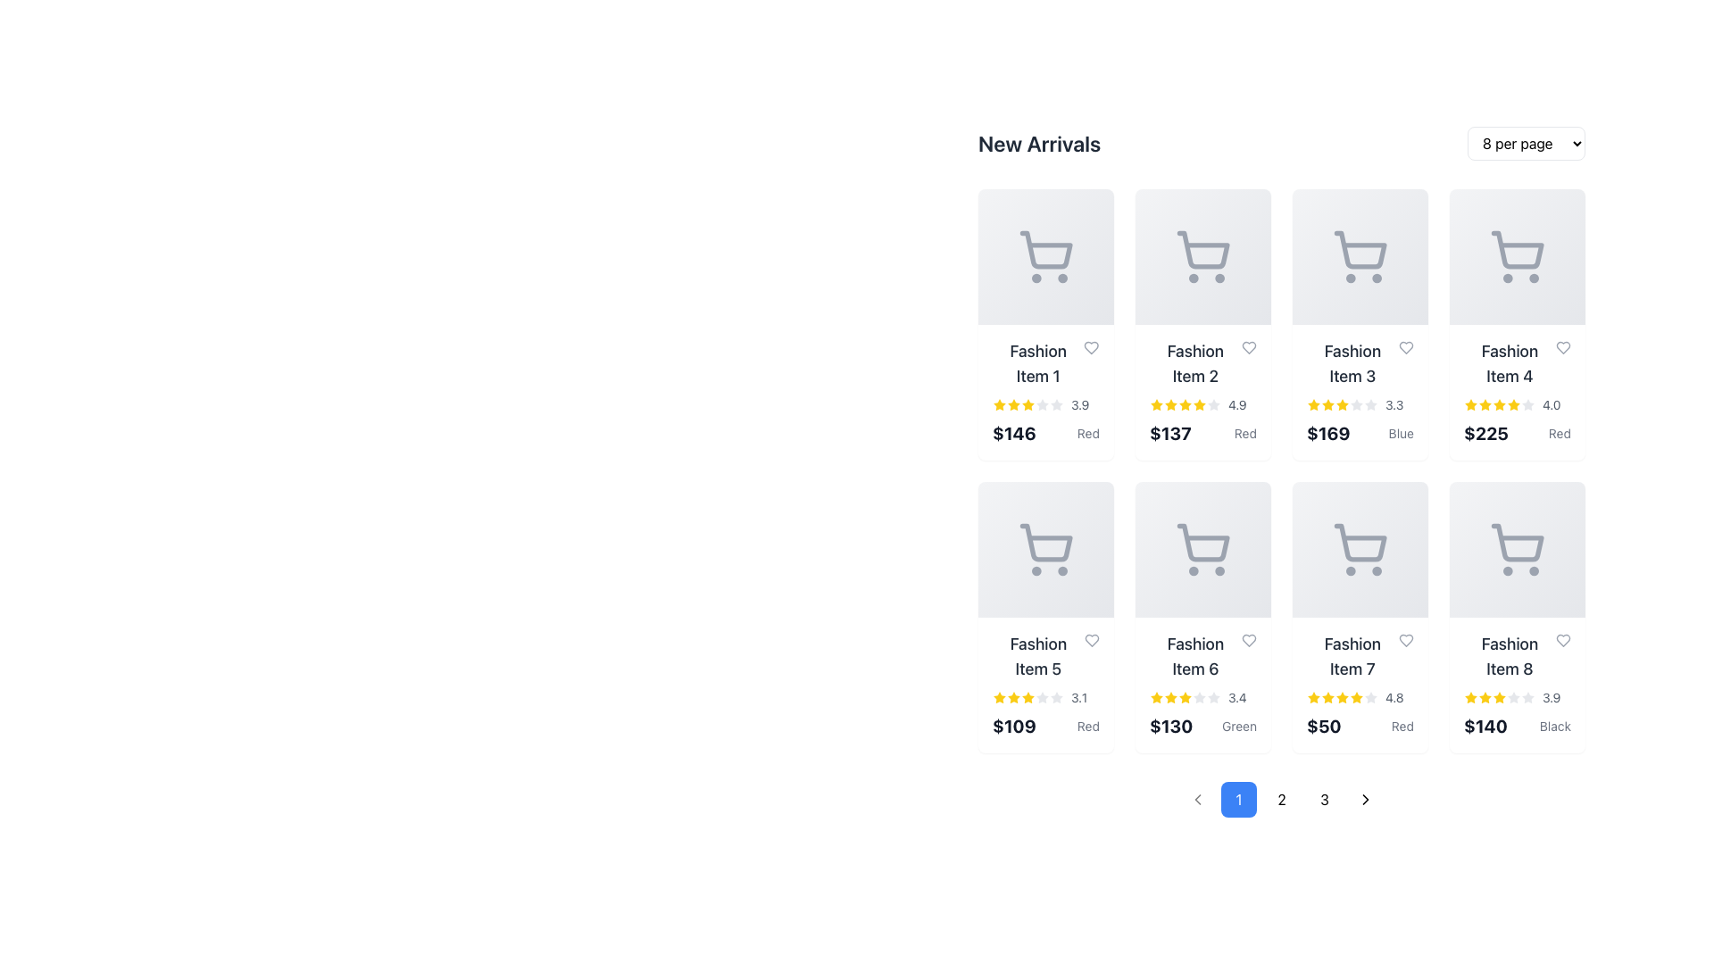  I want to click on the fourth star icon in the rating system for the product 'Fashion Item 7', which is solid yellow and indicates an active state, so click(1357, 696).